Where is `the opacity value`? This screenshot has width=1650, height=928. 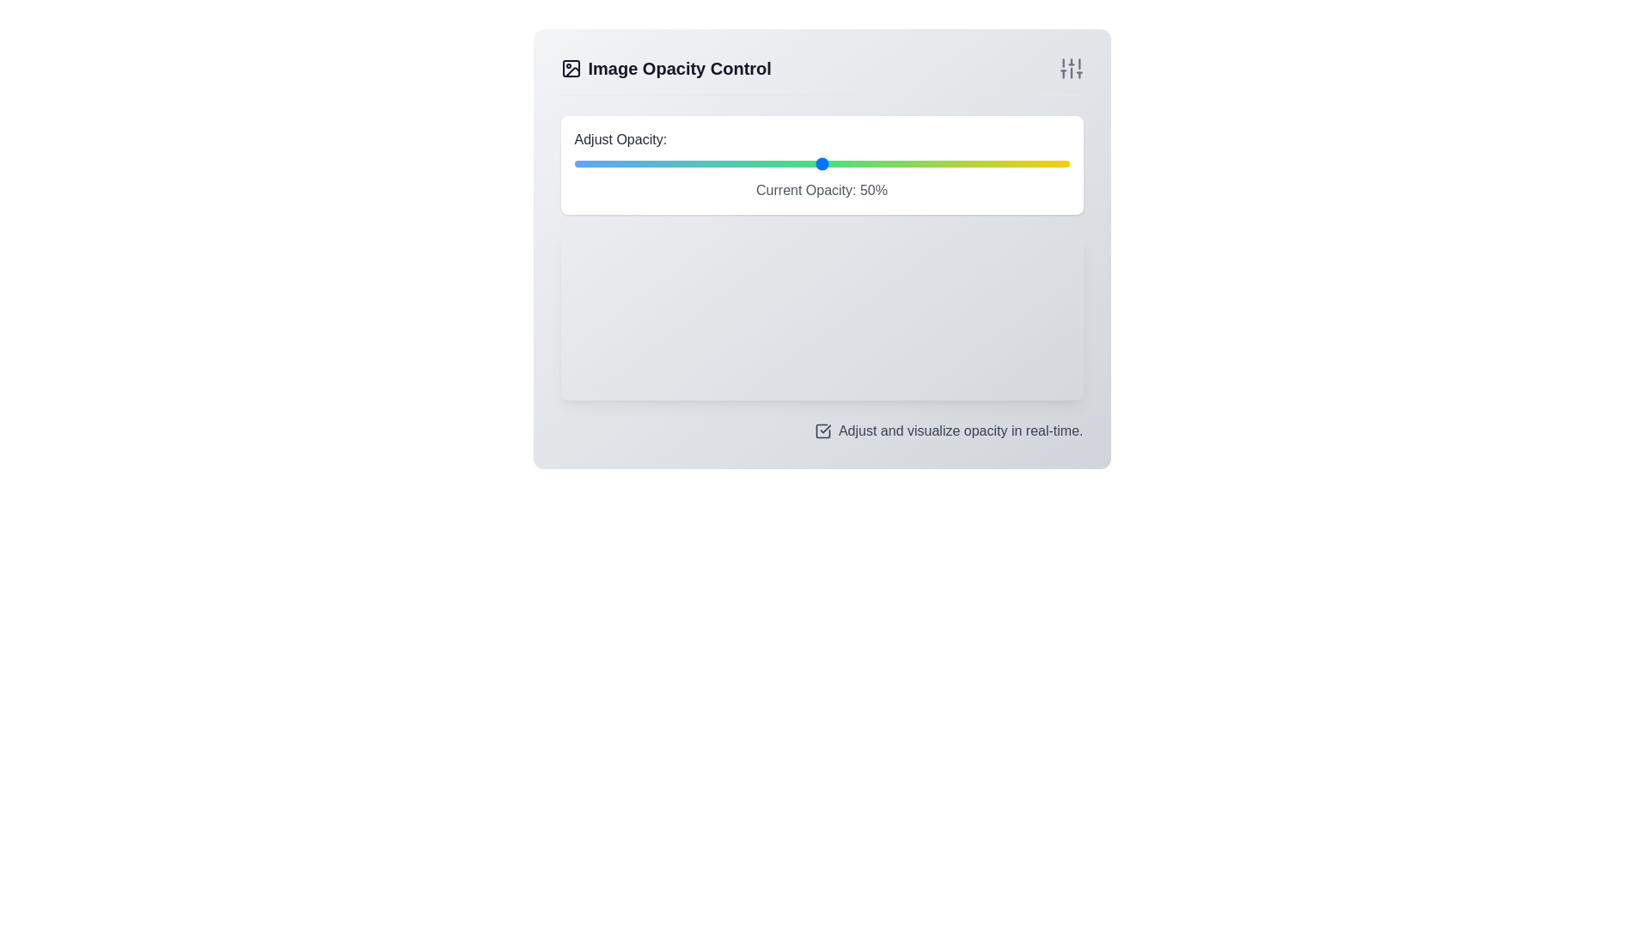
the opacity value is located at coordinates (856, 164).